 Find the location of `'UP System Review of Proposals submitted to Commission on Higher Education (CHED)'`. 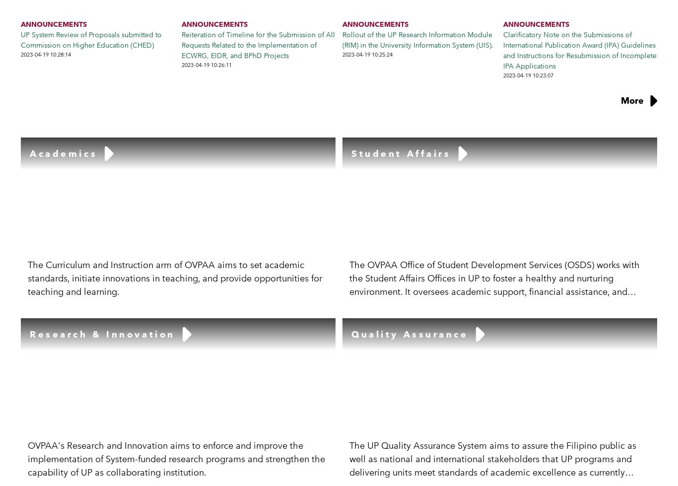

'UP System Review of Proposals submitted to Commission on Higher Education (CHED)' is located at coordinates (20, 39).